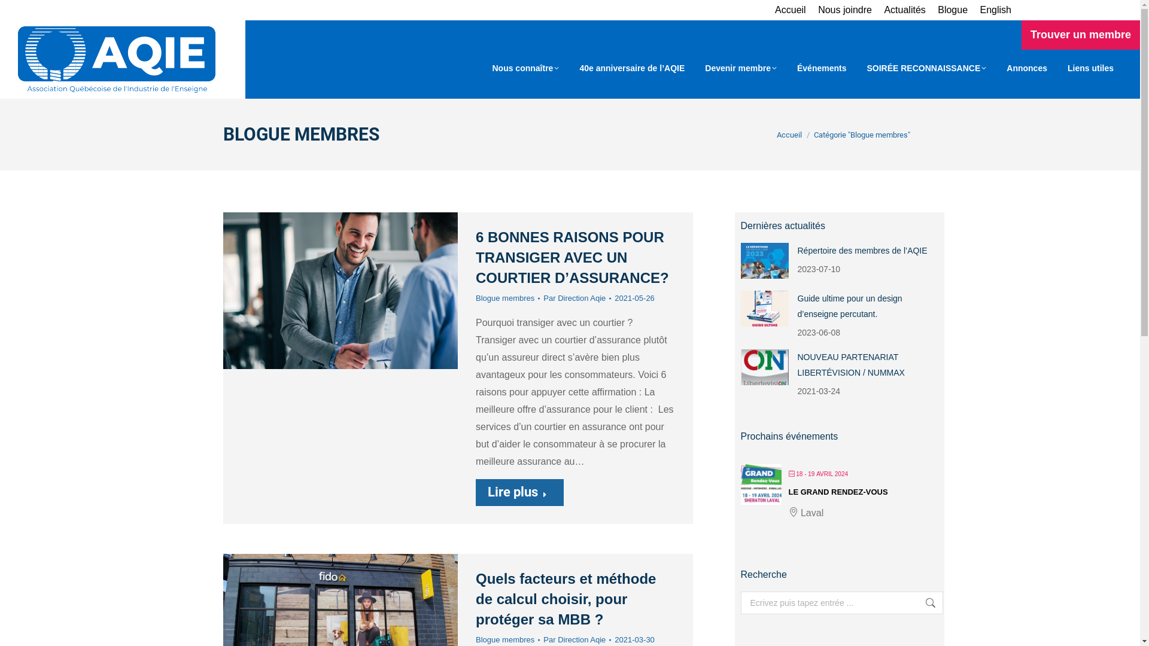  Describe the element at coordinates (577, 297) in the screenshot. I see `'Par Direction Aqie'` at that location.